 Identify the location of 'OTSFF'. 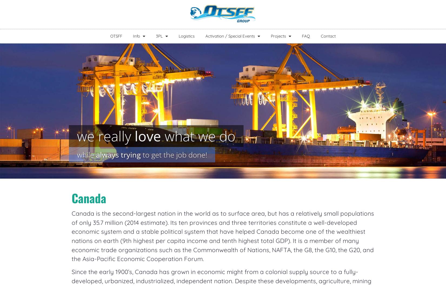
(116, 36).